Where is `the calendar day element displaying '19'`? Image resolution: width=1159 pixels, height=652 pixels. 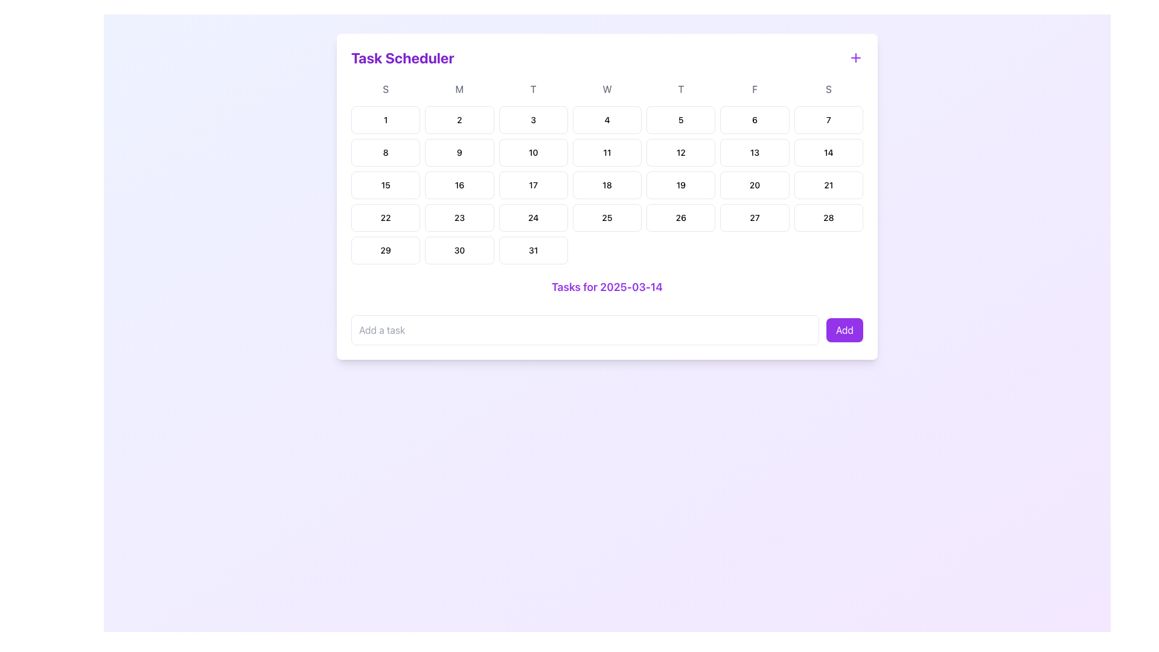
the calendar day element displaying '19' is located at coordinates (681, 185).